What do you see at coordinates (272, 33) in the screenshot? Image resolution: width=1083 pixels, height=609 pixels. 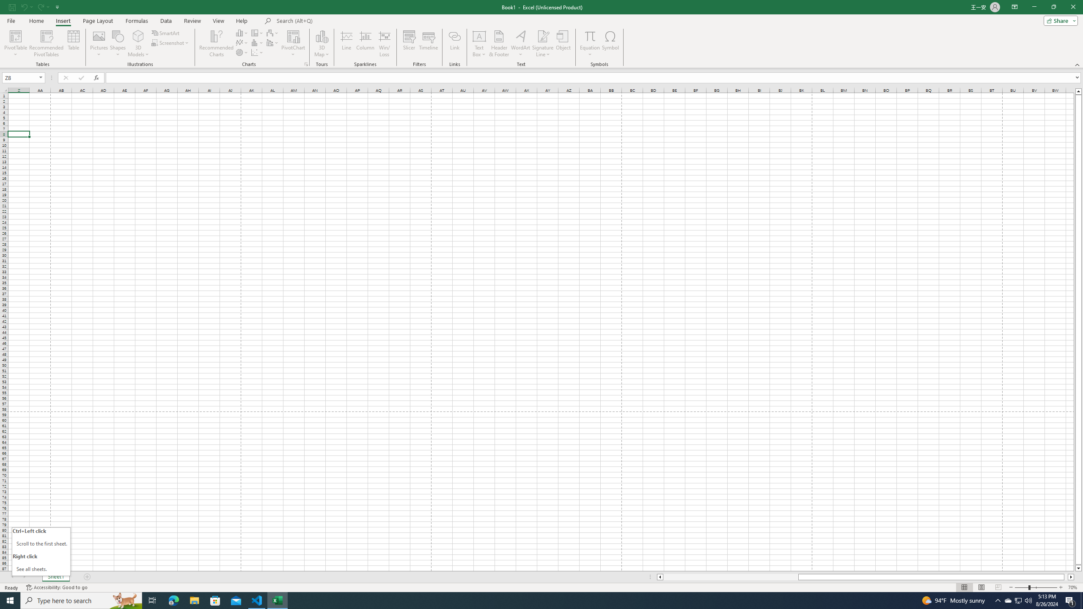 I see `'Insert Waterfall, Funnel, Stock, Surface, or Radar Chart'` at bounding box center [272, 33].